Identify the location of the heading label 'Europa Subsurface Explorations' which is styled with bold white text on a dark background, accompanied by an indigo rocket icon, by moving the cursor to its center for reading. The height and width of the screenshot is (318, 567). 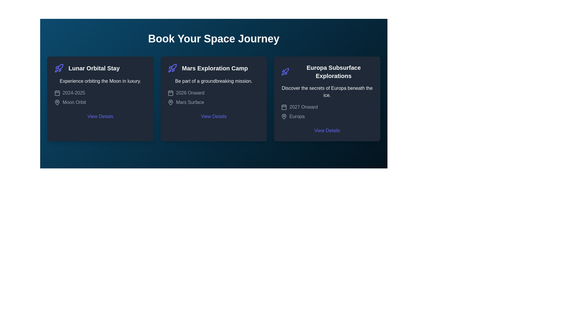
(327, 71).